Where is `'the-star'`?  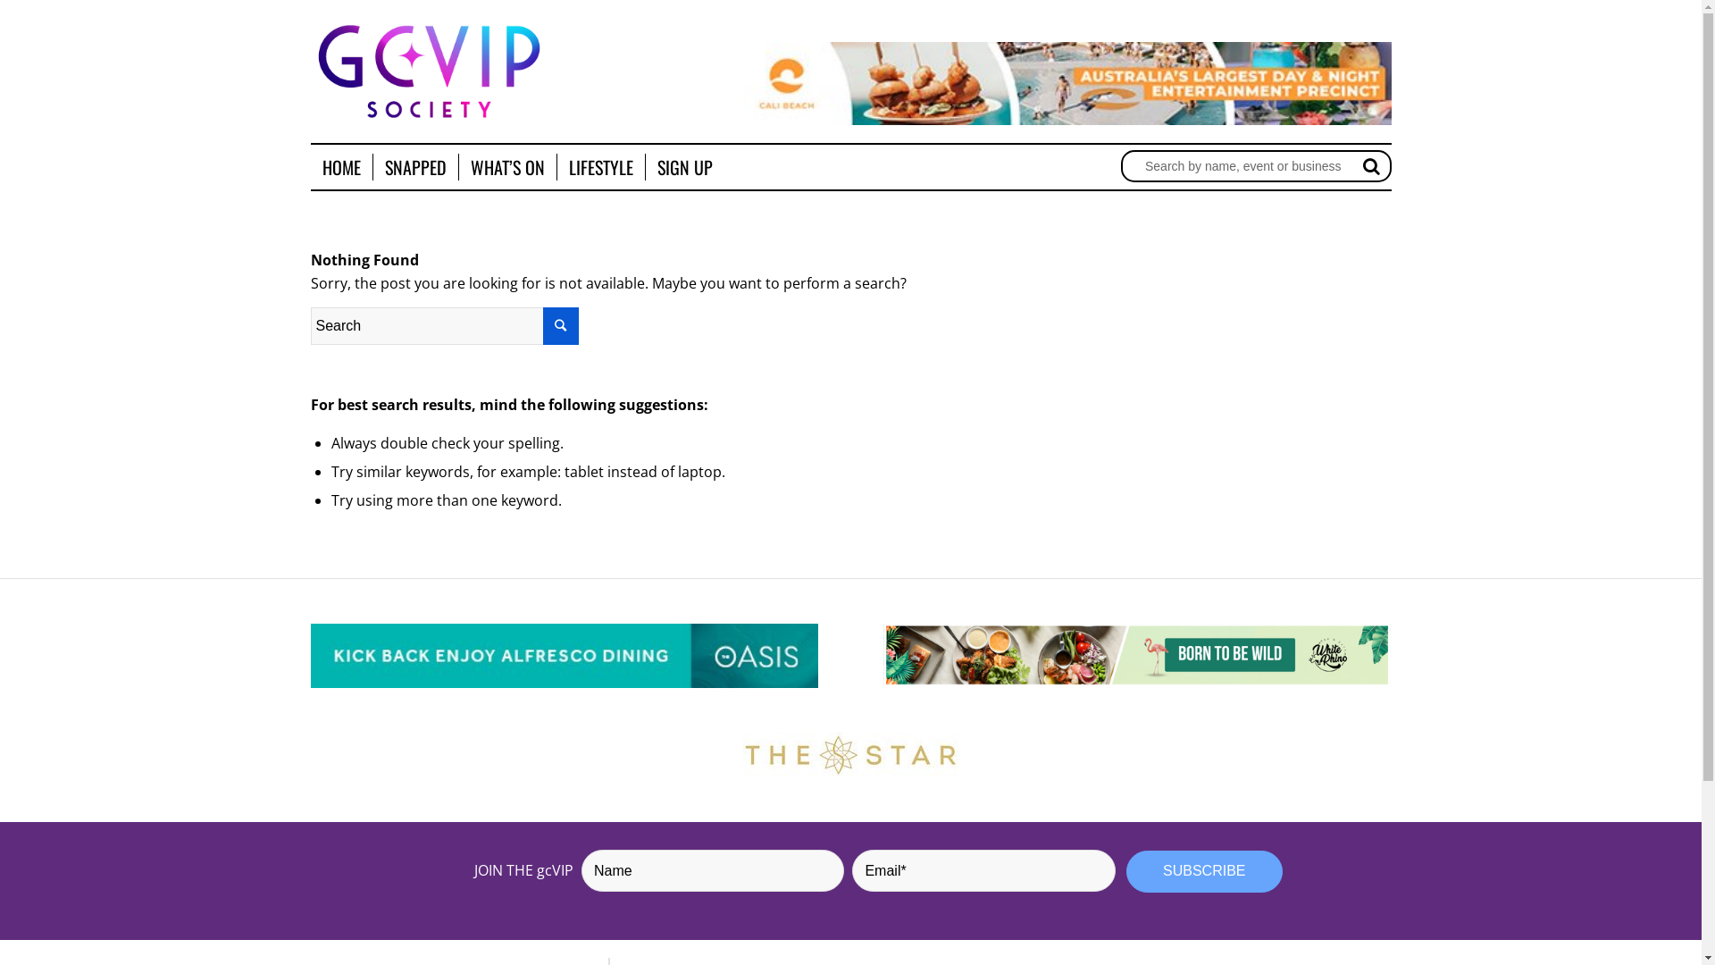
'the-star' is located at coordinates (849, 754).